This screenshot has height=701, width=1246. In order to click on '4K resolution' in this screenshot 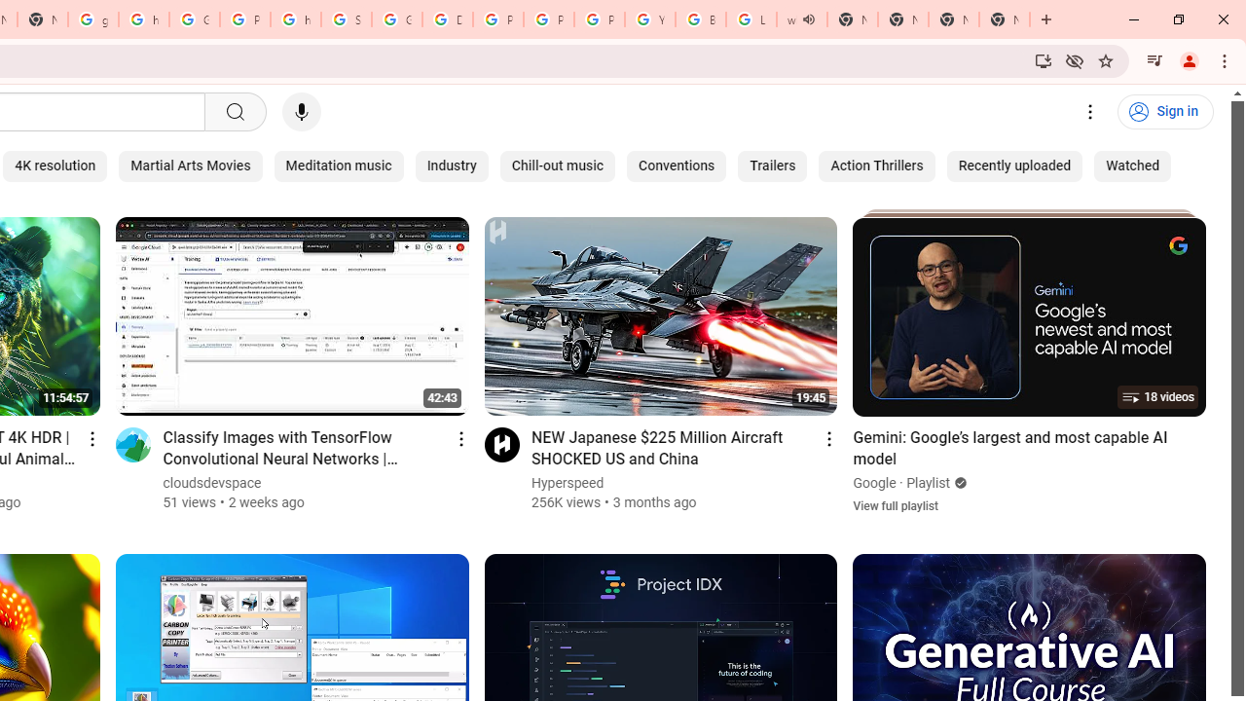, I will do `click(55, 166)`.